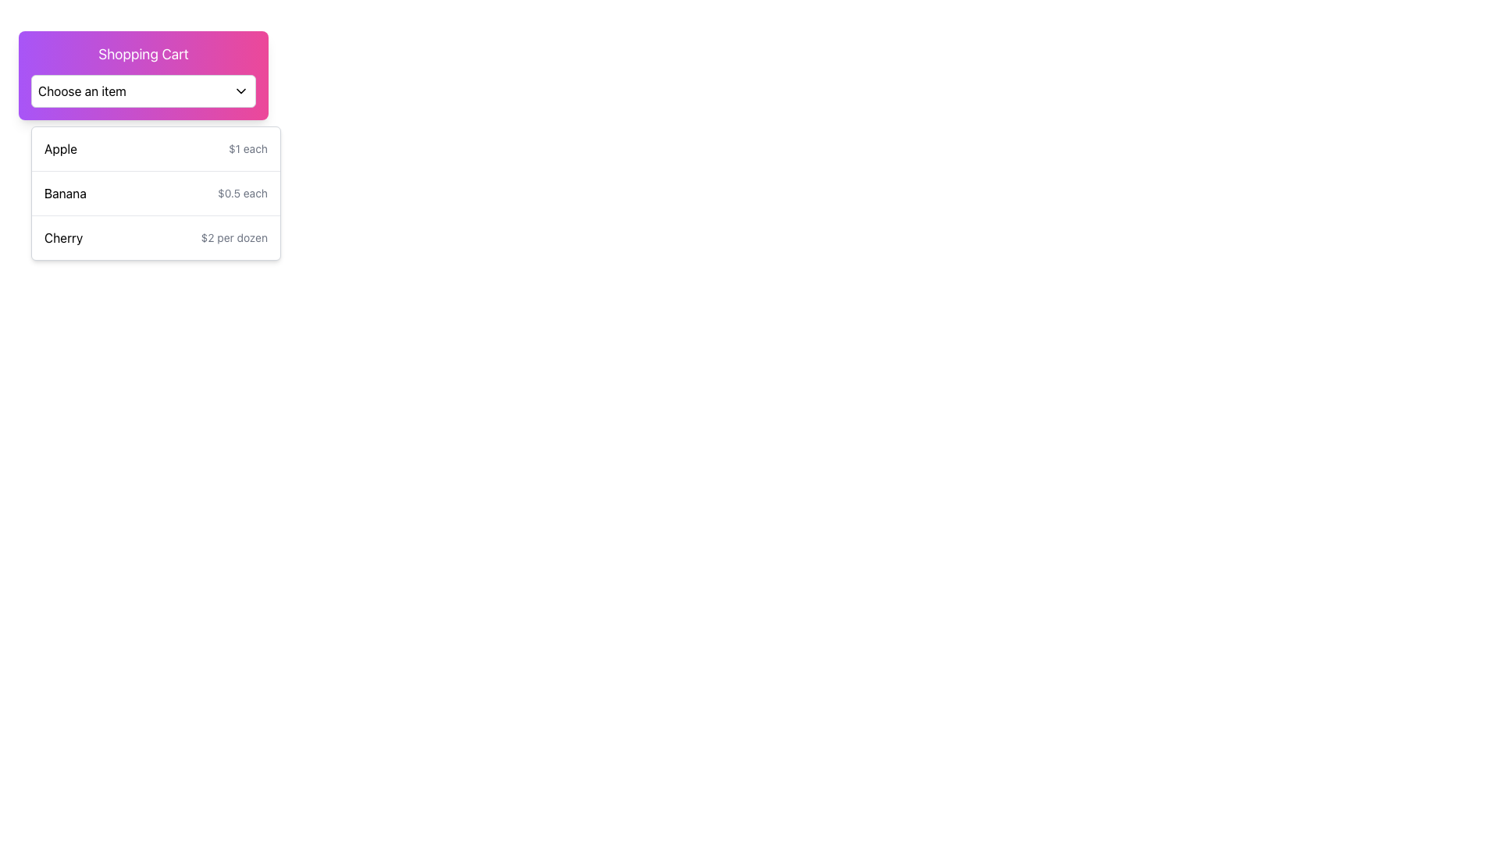  What do you see at coordinates (233, 237) in the screenshot?
I see `the static text label displaying the price information for the 'Cherry' item in the shopping cart, located on the right side of the 'Cherry' row` at bounding box center [233, 237].